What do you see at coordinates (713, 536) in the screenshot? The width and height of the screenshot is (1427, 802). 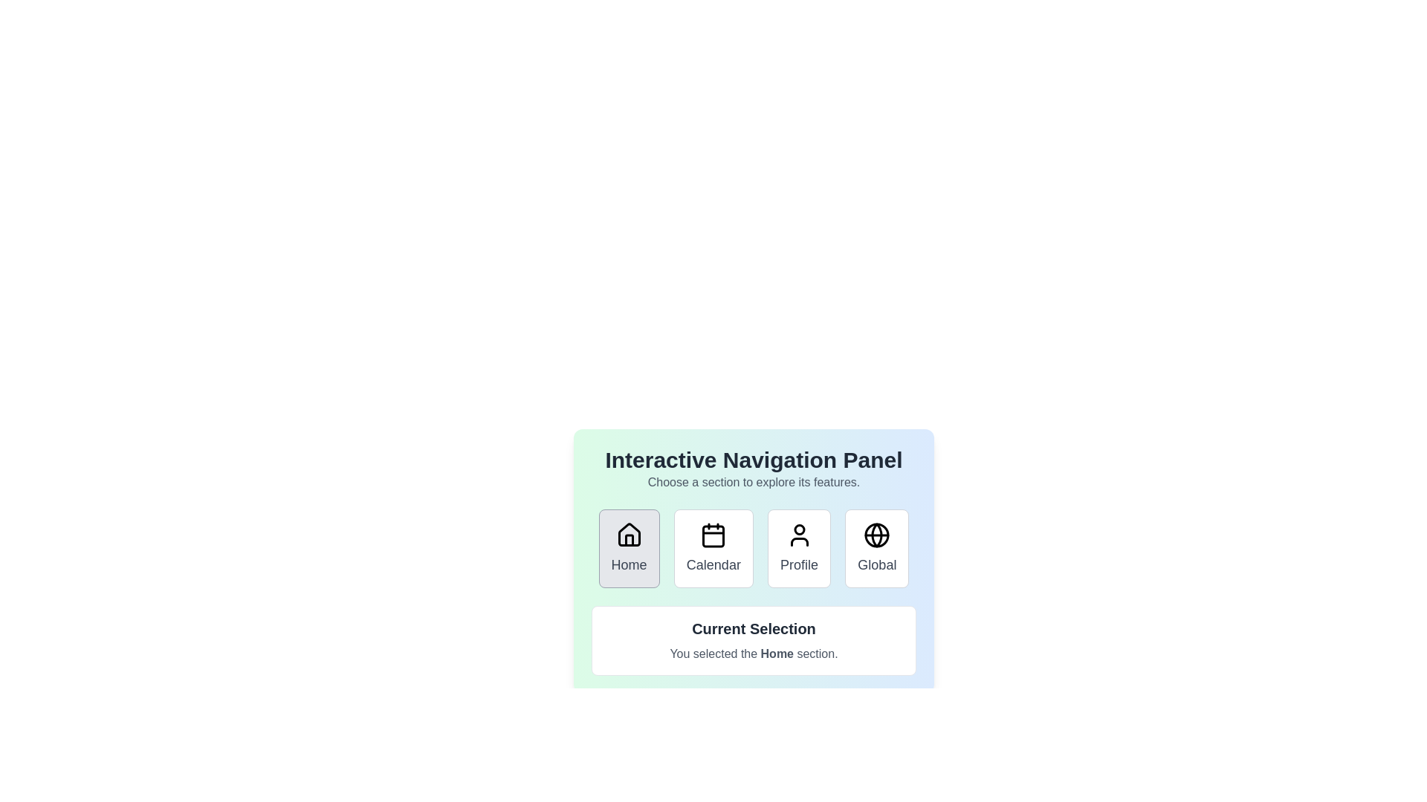 I see `the small rounded rectangle that serves as the background for the calendar icon, which is the second icon from the left in the middle row of the interface` at bounding box center [713, 536].